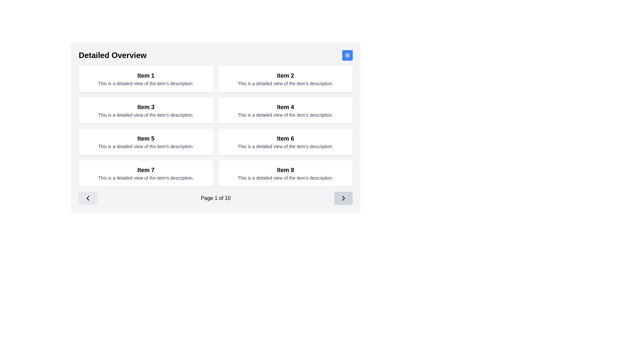 This screenshot has width=630, height=354. Describe the element at coordinates (347, 55) in the screenshot. I see `the blue gear-shaped icon located in the top-right corner of the white card interface` at that location.